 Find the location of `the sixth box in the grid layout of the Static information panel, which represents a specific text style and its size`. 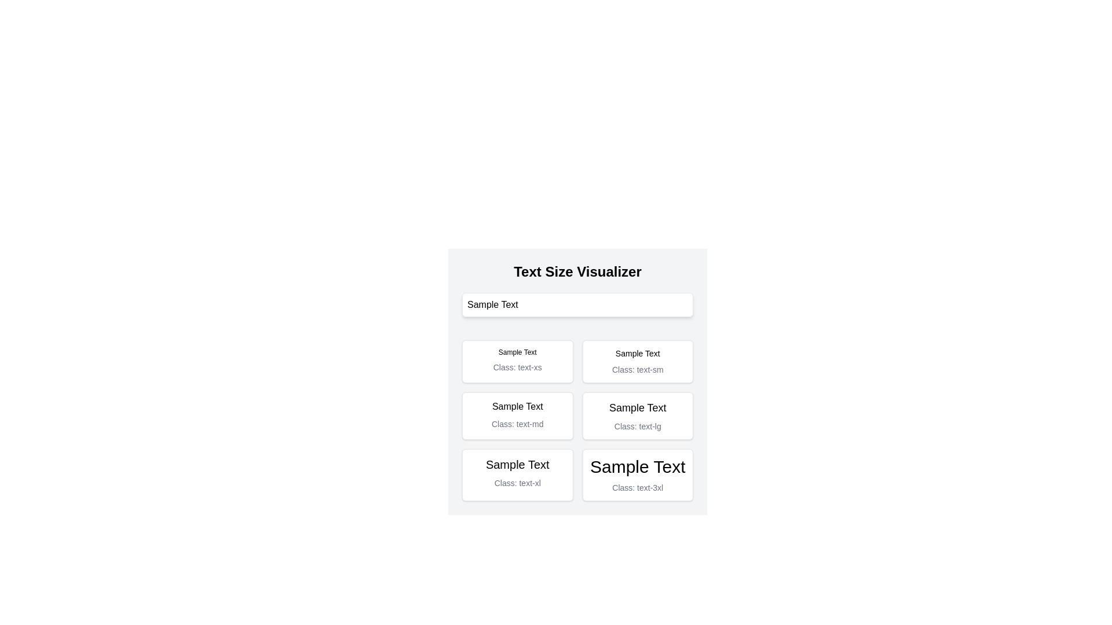

the sixth box in the grid layout of the Static information panel, which represents a specific text style and its size is located at coordinates (637, 475).